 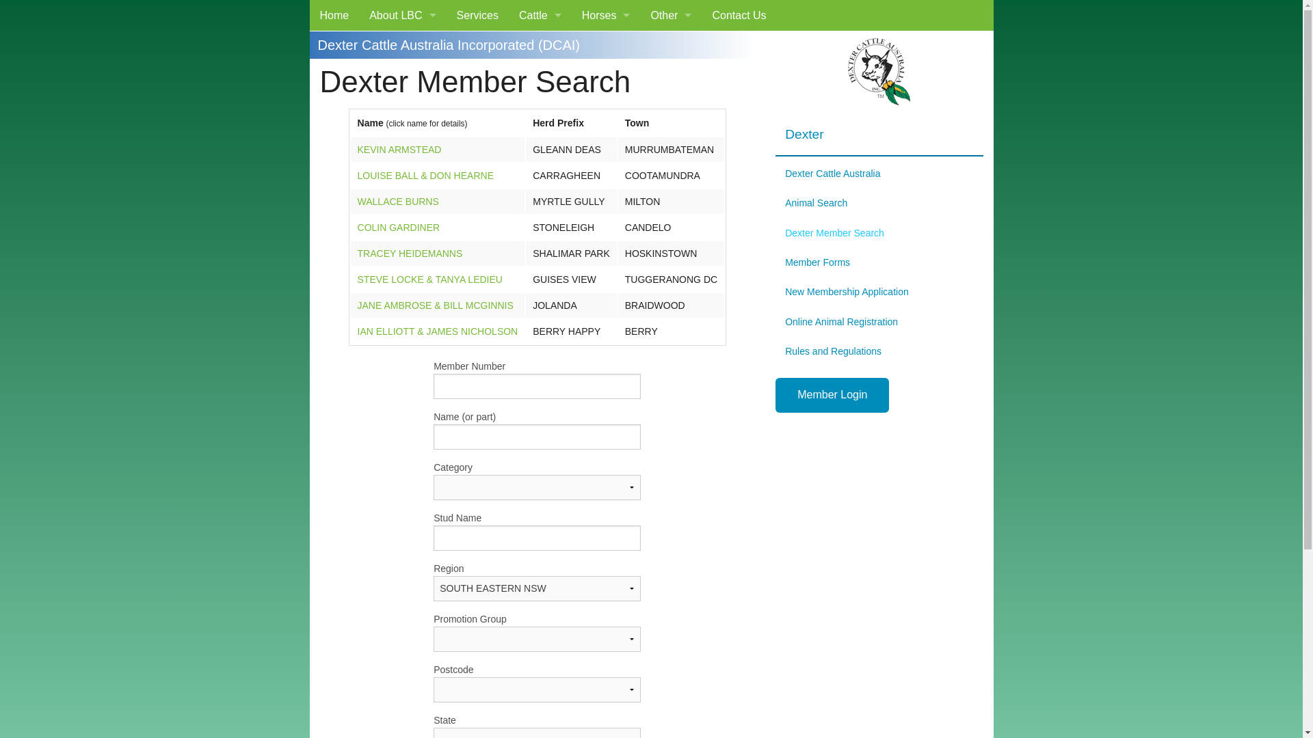 I want to click on 'IAN ELLIOTT & JAMES NICHOLSON', so click(x=438, y=331).